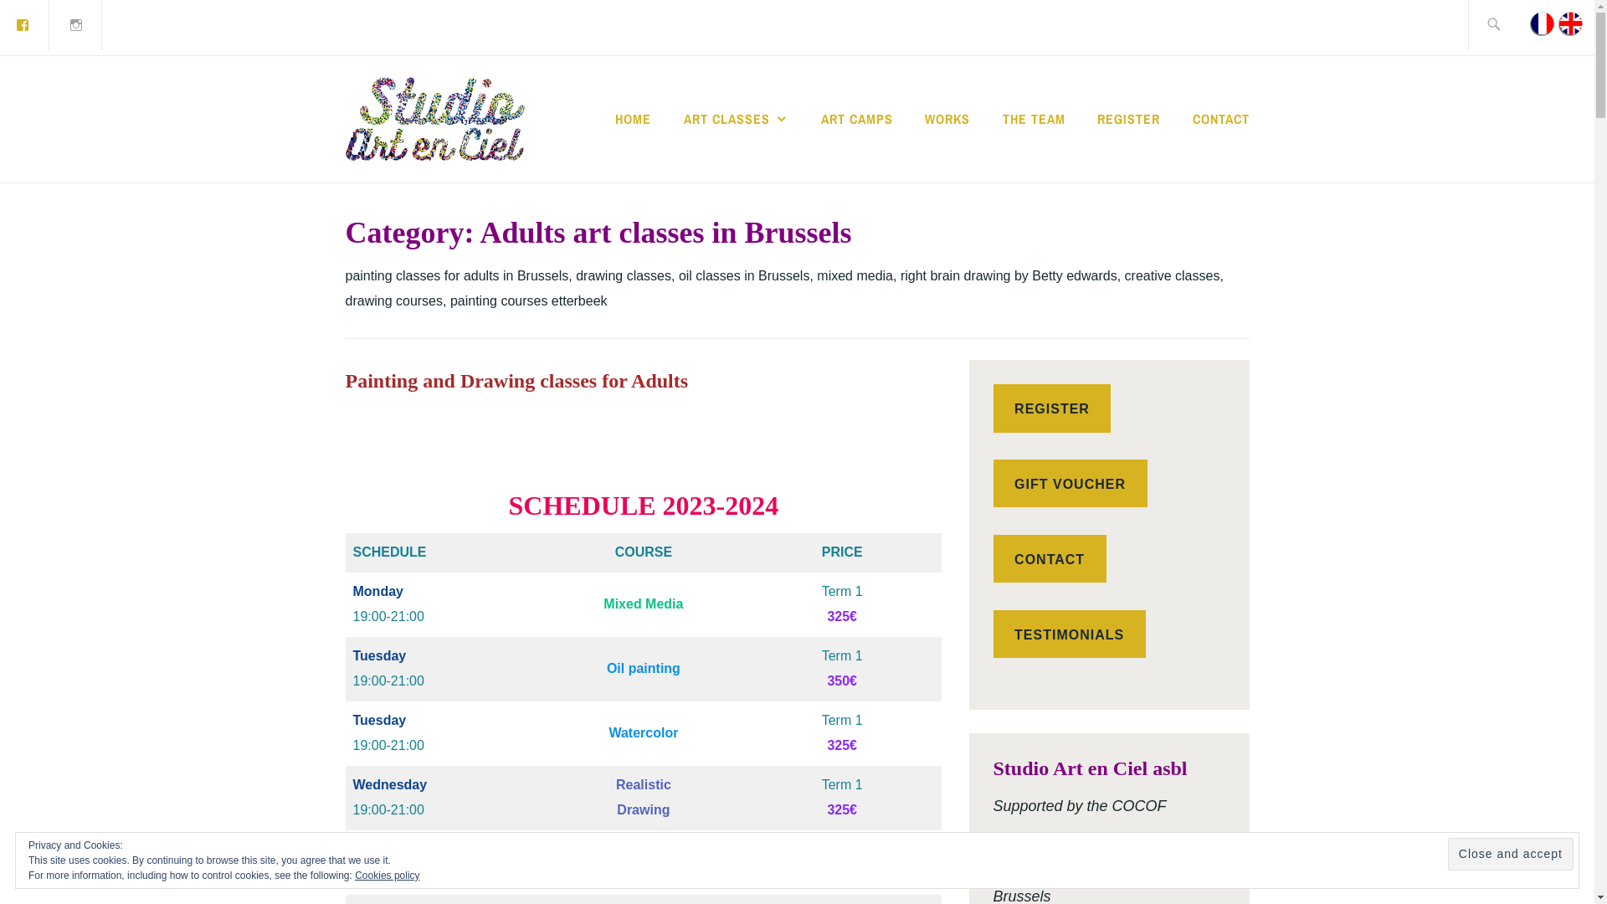  I want to click on 'REGISTER', so click(1050, 408).